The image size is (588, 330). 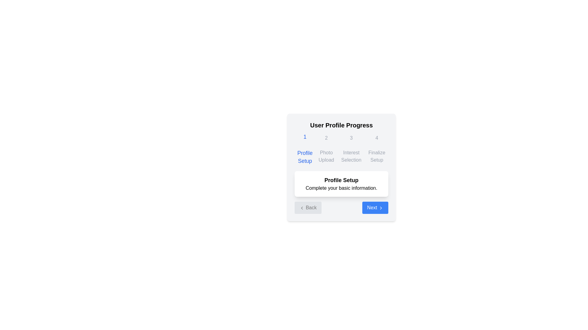 I want to click on the Progress Indicator displaying the stages of user profile setup, including '1 Profile Setup', '2 Photo Upload', '3 Interest Selection', and '4 Finalize Setup', with the first stage highlighted in blue, so click(x=341, y=149).